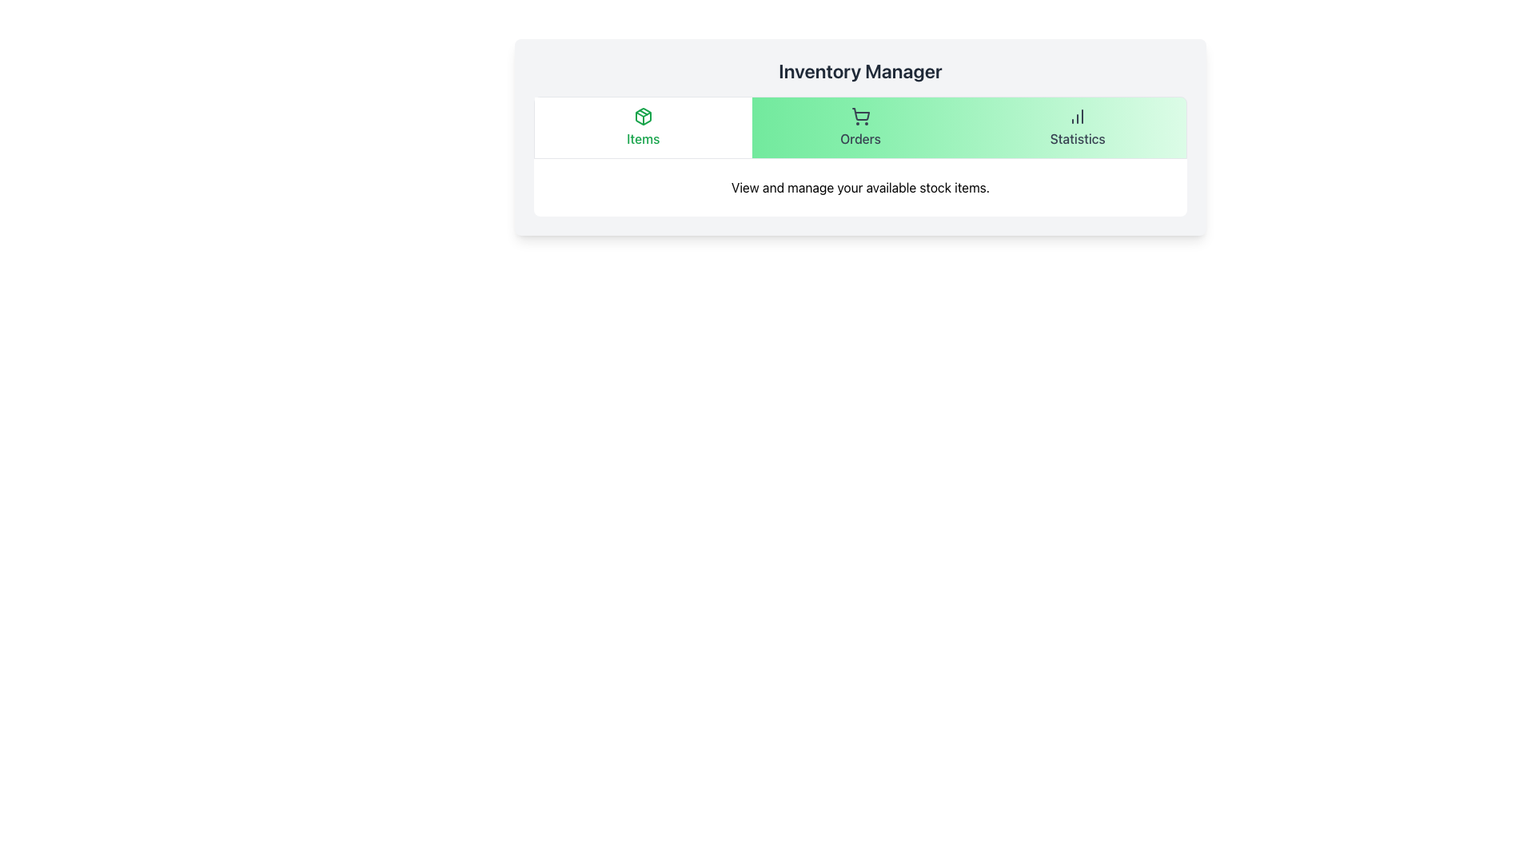  What do you see at coordinates (1078, 116) in the screenshot?
I see `the icon resembling a bar chart located in the 'Statistics' section of the top navigation bar` at bounding box center [1078, 116].